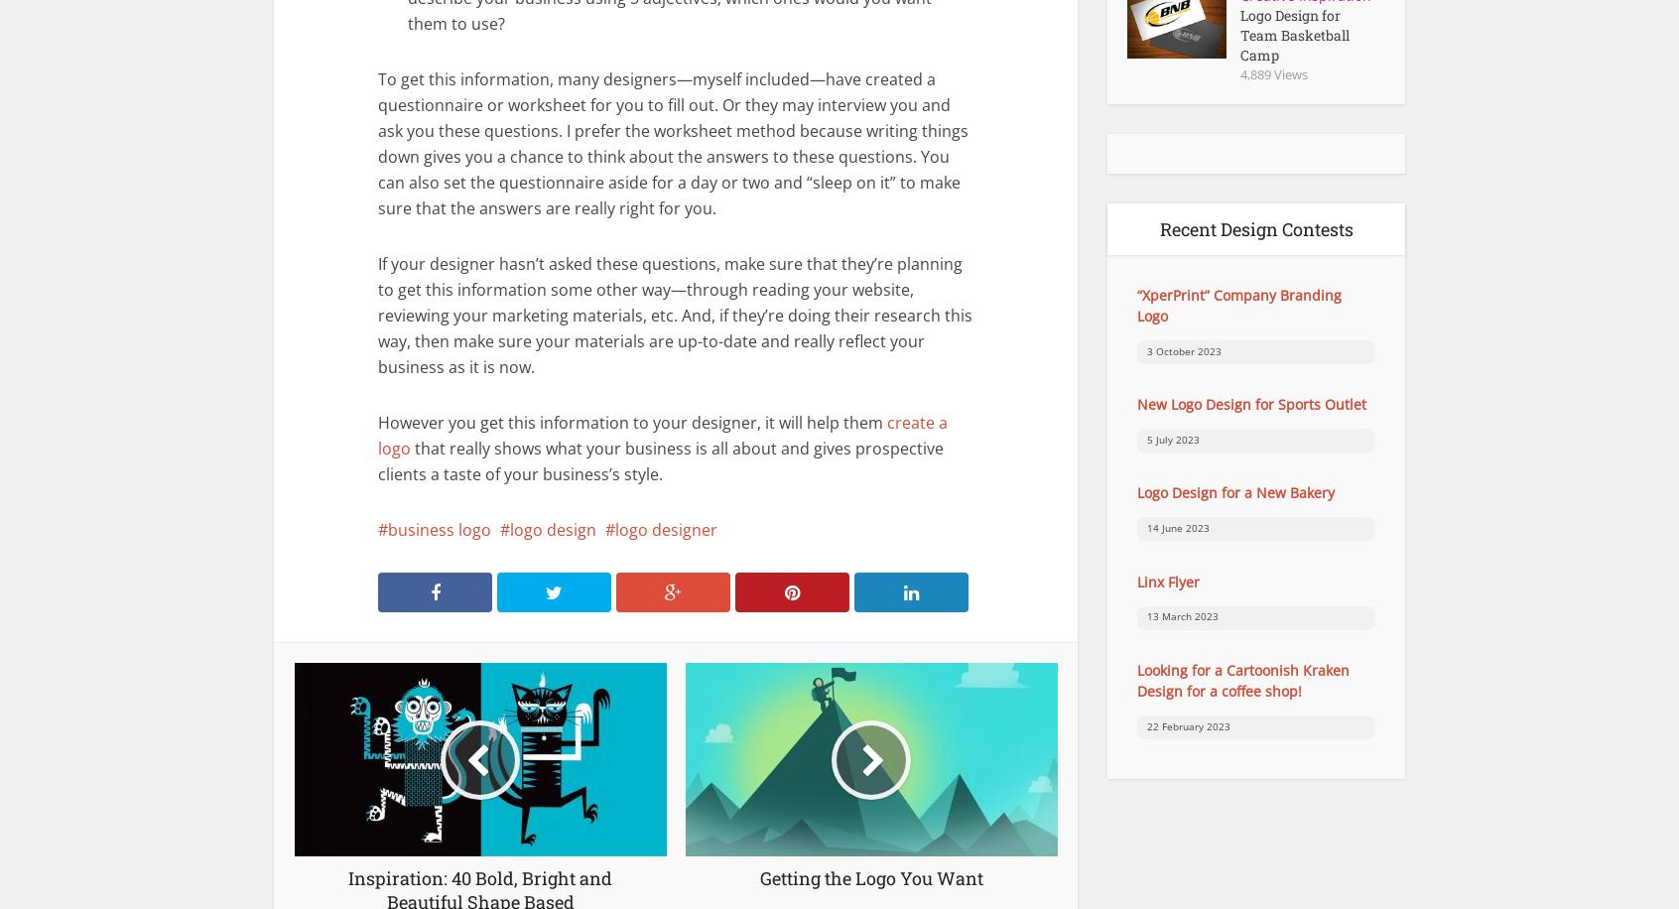 This screenshot has height=909, width=1679. I want to click on 'Linx Flyer', so click(1167, 581).